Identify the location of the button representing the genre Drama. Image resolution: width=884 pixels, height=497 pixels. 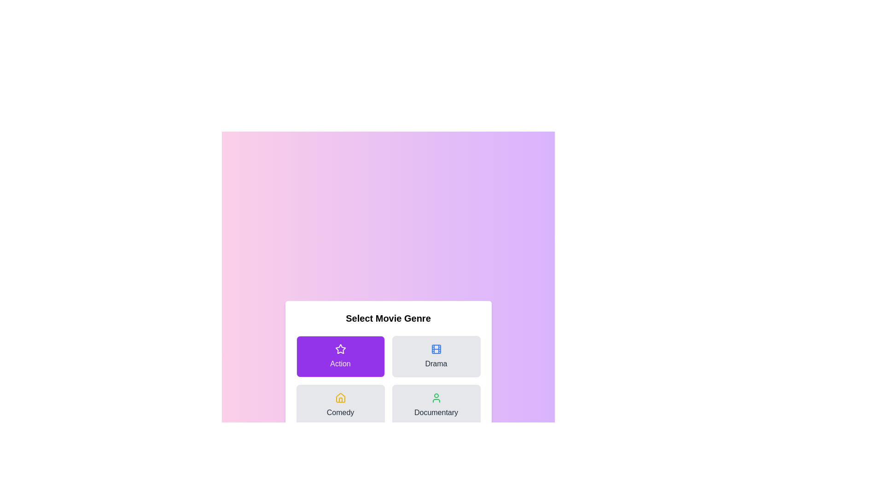
(436, 356).